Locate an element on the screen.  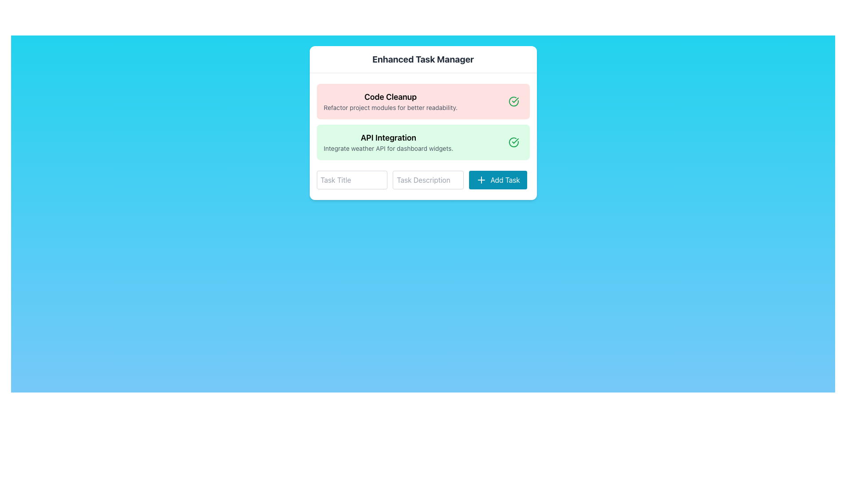
the checkmark icon within the task card that summarizes the details of a specific task, located below the 'Code Cleanup' task in the task manager interface is located at coordinates (422, 141).